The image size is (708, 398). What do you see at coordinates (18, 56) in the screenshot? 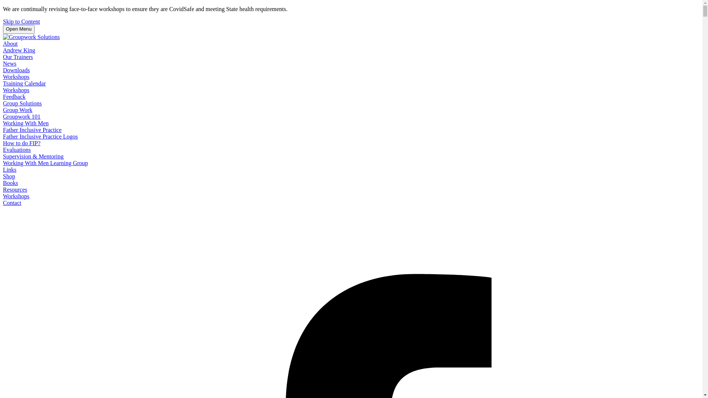
I see `'Our Trainers'` at bounding box center [18, 56].